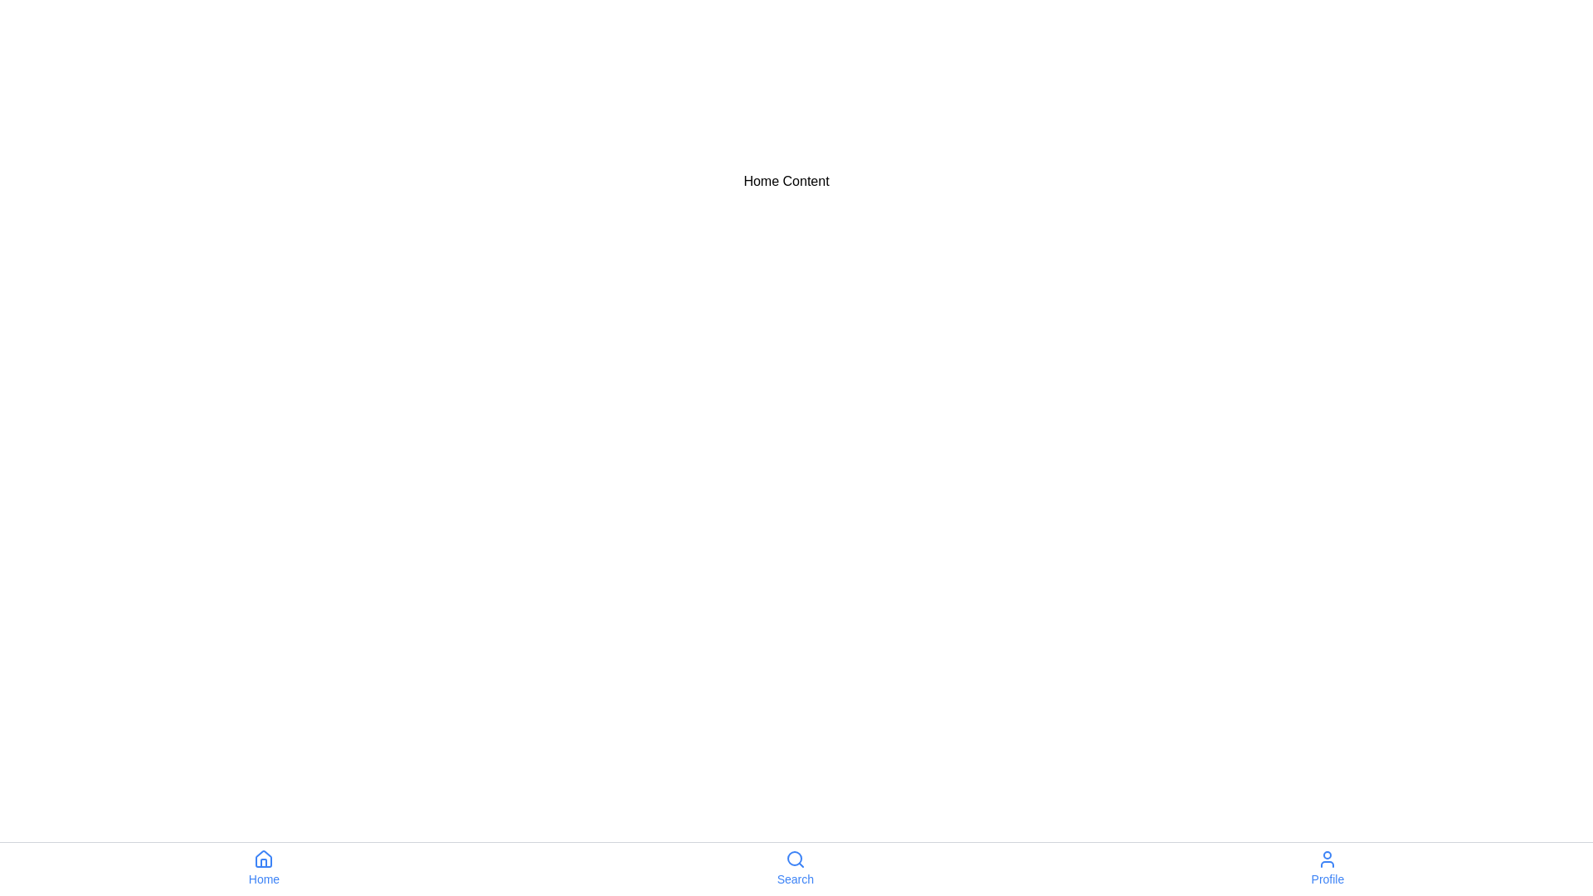 The height and width of the screenshot is (896, 1593). Describe the element at coordinates (263, 859) in the screenshot. I see `the 'Home' icon button in the bottom navigation bar` at that location.